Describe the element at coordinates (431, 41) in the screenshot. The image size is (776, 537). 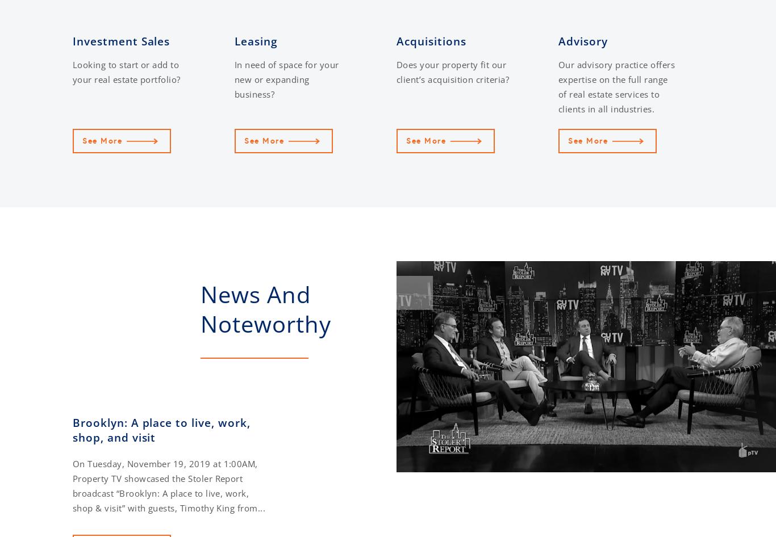
I see `'Acquisitions'` at that location.